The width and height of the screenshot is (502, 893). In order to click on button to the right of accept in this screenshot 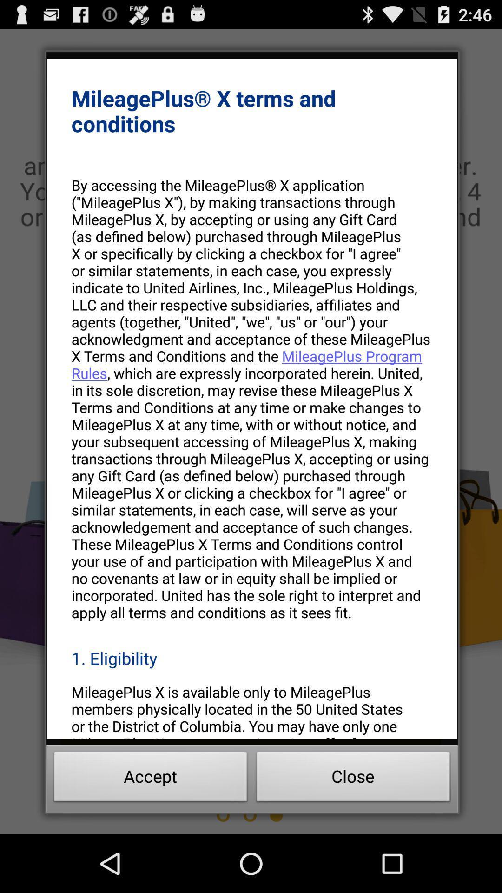, I will do `click(353, 779)`.